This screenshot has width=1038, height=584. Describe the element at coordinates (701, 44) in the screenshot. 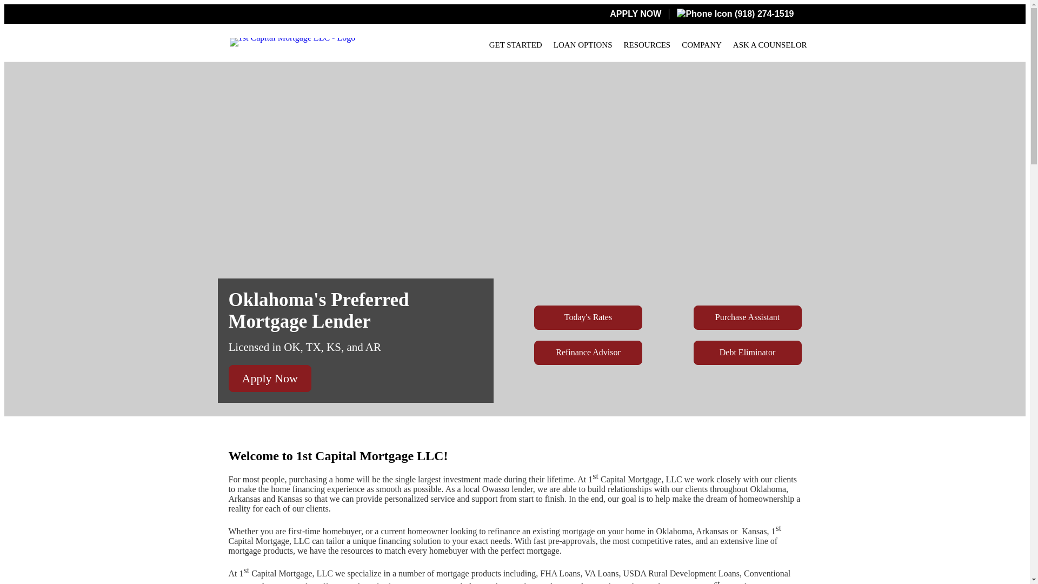

I see `'COMPANY'` at that location.